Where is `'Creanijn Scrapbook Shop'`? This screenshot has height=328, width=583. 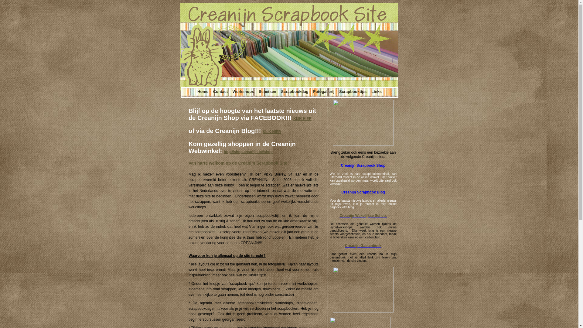 'Creanijn Scrapbook Shop' is located at coordinates (363, 165).